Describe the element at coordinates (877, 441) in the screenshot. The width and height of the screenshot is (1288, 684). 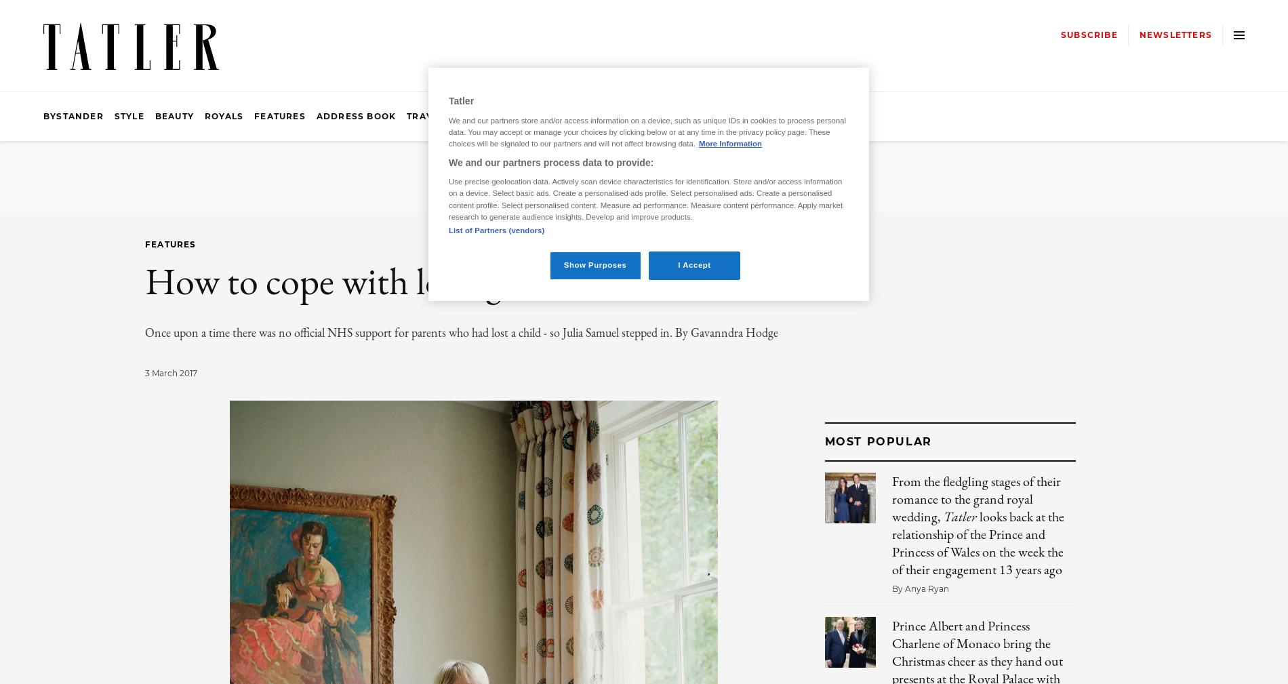
I see `'Most Popular'` at that location.